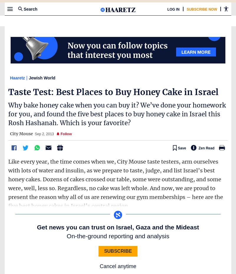 The height and width of the screenshot is (274, 236). What do you see at coordinates (66, 134) in the screenshot?
I see `'Follow'` at bounding box center [66, 134].